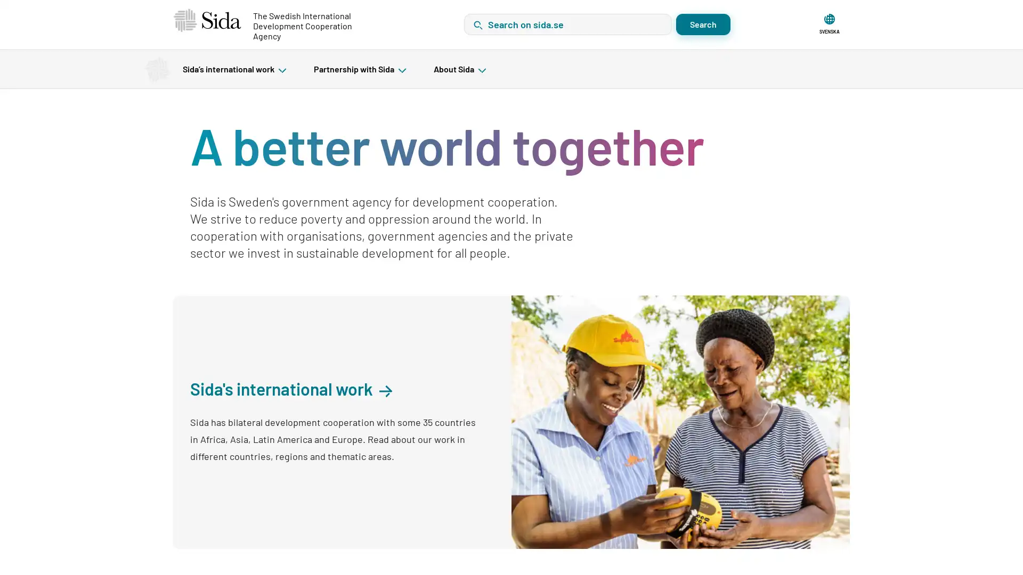  Describe the element at coordinates (703, 24) in the screenshot. I see `Search` at that location.